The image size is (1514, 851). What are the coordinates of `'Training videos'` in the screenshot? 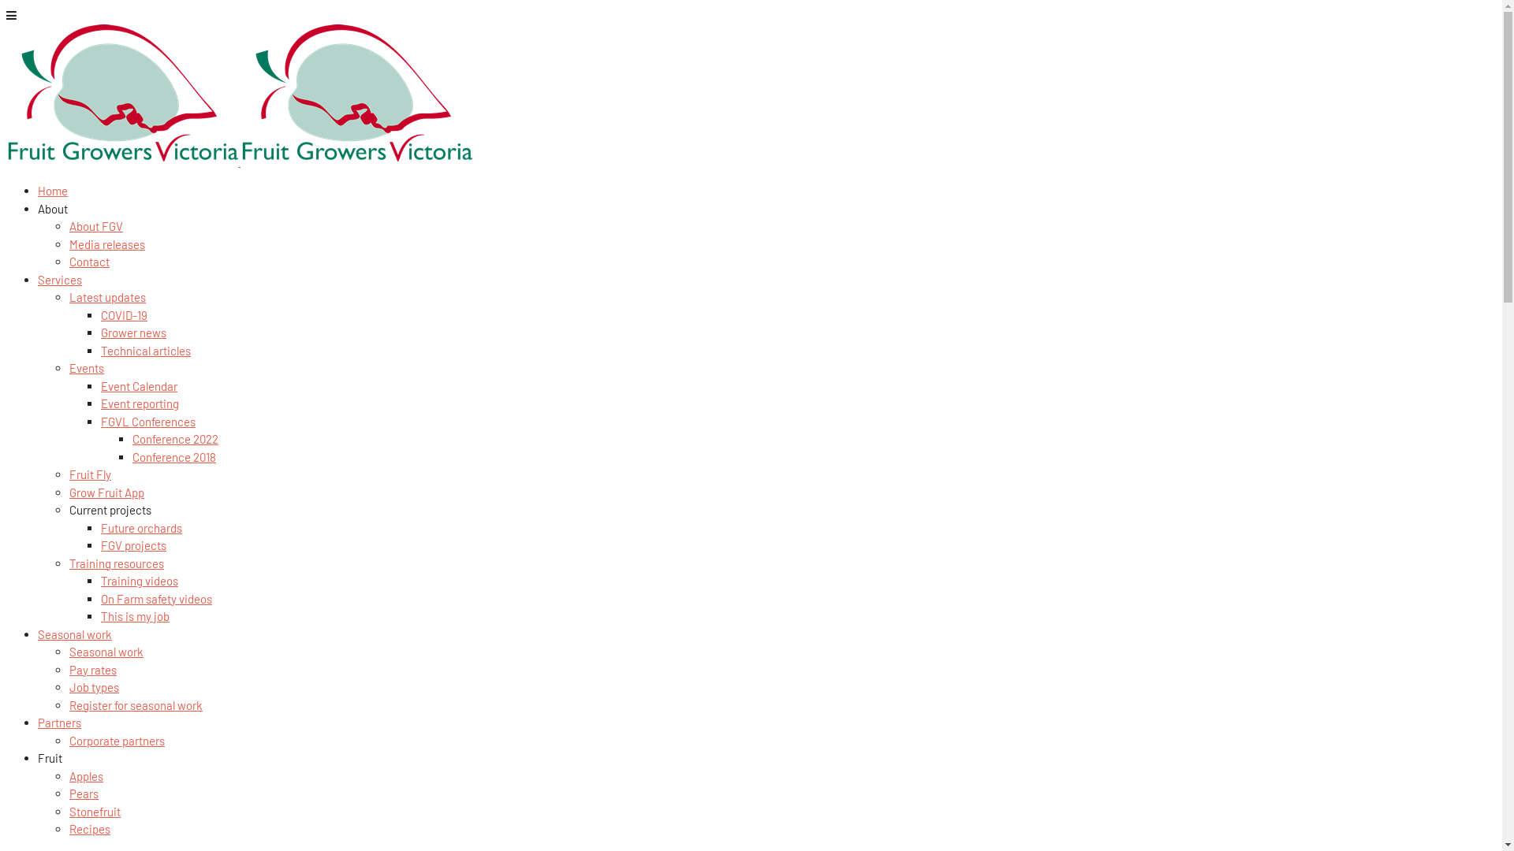 It's located at (140, 580).